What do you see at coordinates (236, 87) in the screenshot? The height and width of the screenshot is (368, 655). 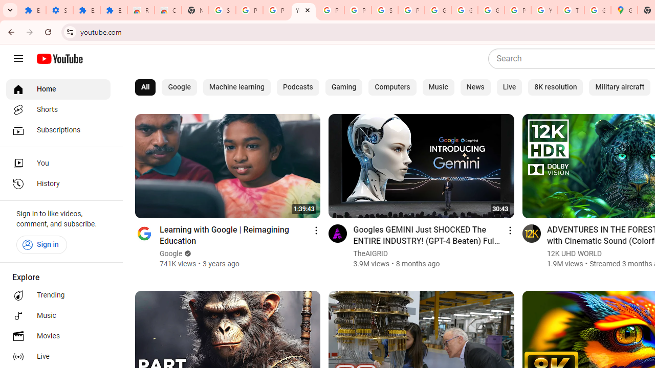 I see `'Machine learning'` at bounding box center [236, 87].